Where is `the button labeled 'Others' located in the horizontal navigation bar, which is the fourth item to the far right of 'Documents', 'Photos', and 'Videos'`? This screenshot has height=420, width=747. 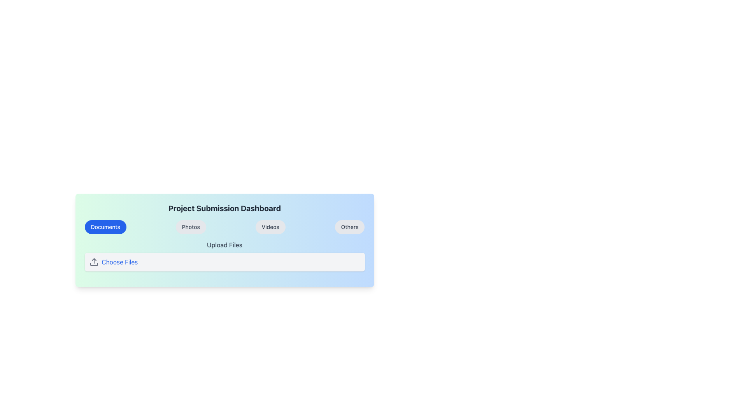
the button labeled 'Others' located in the horizontal navigation bar, which is the fourth item to the far right of 'Documents', 'Photos', and 'Videos' is located at coordinates (349, 227).